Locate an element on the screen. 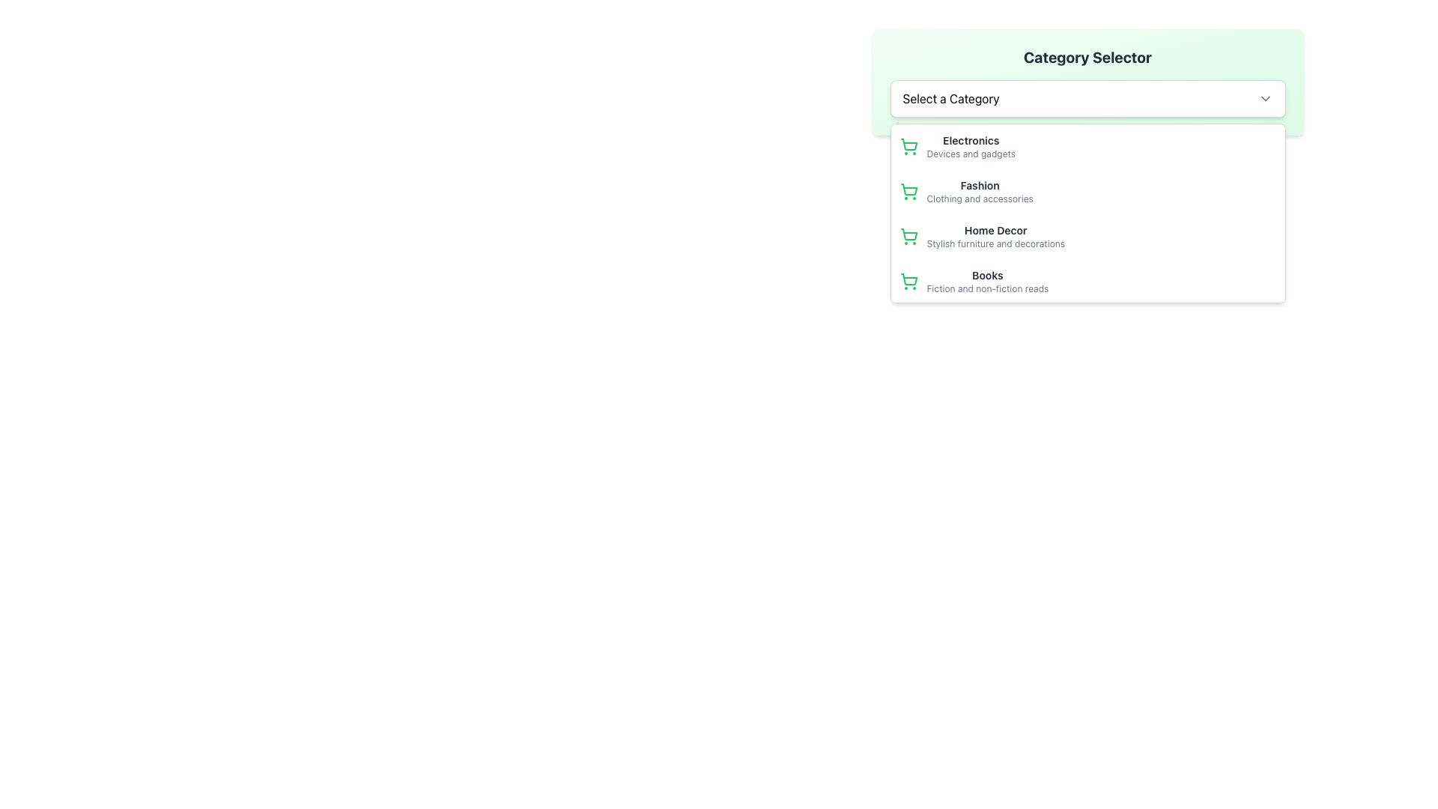  the 'Home Decor' category option found as the third item in the dropdown menu labeled 'Select a Category' is located at coordinates (1087, 213).